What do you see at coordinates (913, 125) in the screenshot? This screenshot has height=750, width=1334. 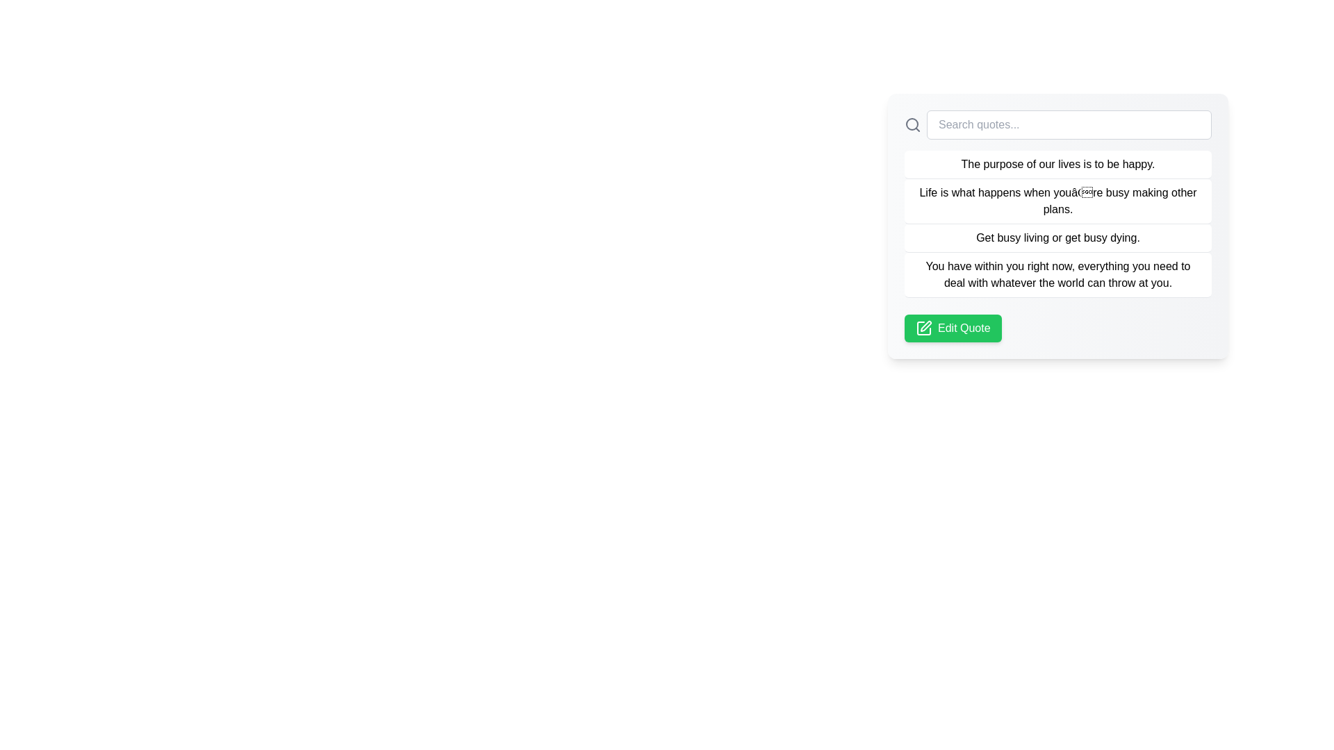 I see `the search icon located to the left of the text input field that has a placeholder saying 'Search quotes...' to invoke the associated search function` at bounding box center [913, 125].